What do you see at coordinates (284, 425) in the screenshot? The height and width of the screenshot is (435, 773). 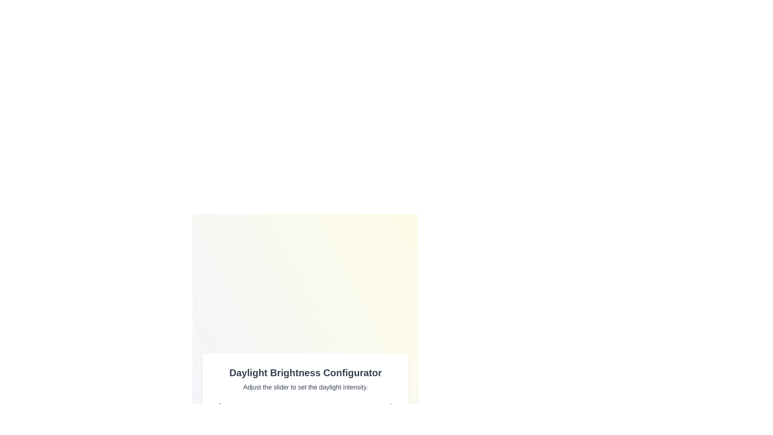 I see `the brightness slider to set the daylight intensity to 38%` at bounding box center [284, 425].